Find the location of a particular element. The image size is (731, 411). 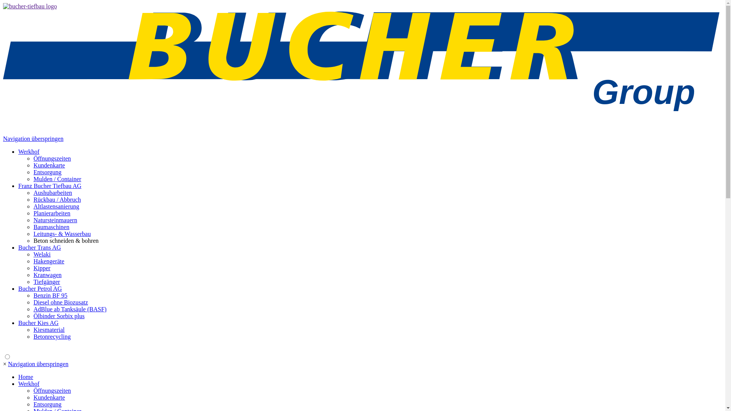

'Baumaschinen' is located at coordinates (33, 226).